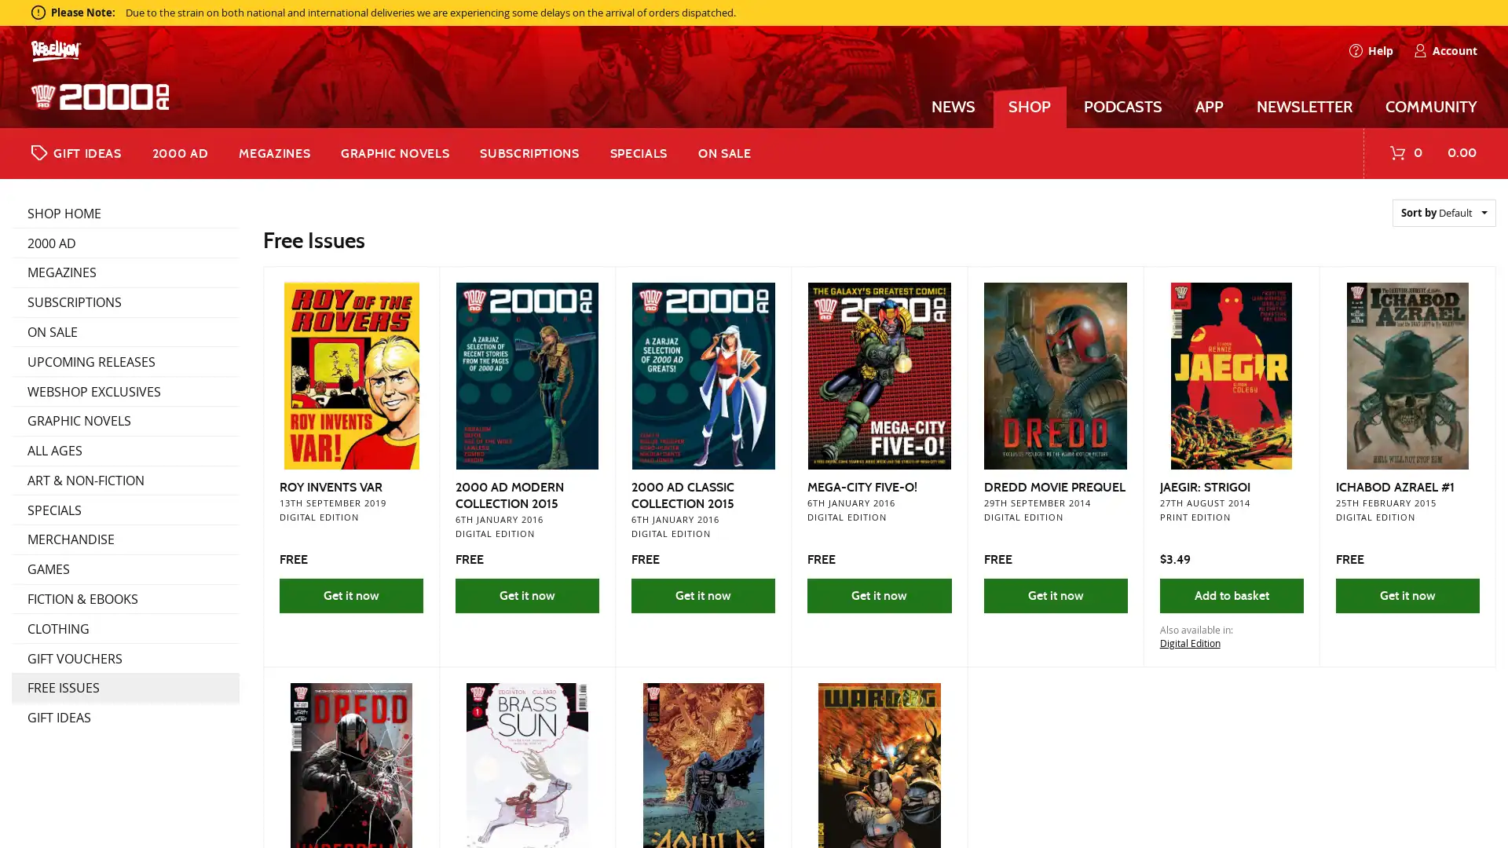 This screenshot has height=848, width=1508. What do you see at coordinates (1055, 595) in the screenshot?
I see `Get it now` at bounding box center [1055, 595].